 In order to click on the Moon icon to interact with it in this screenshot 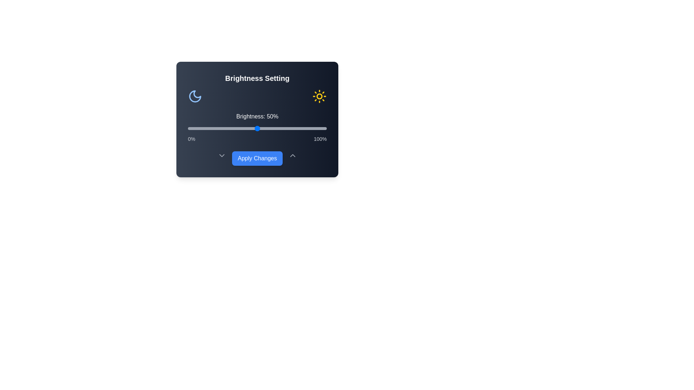, I will do `click(195, 96)`.